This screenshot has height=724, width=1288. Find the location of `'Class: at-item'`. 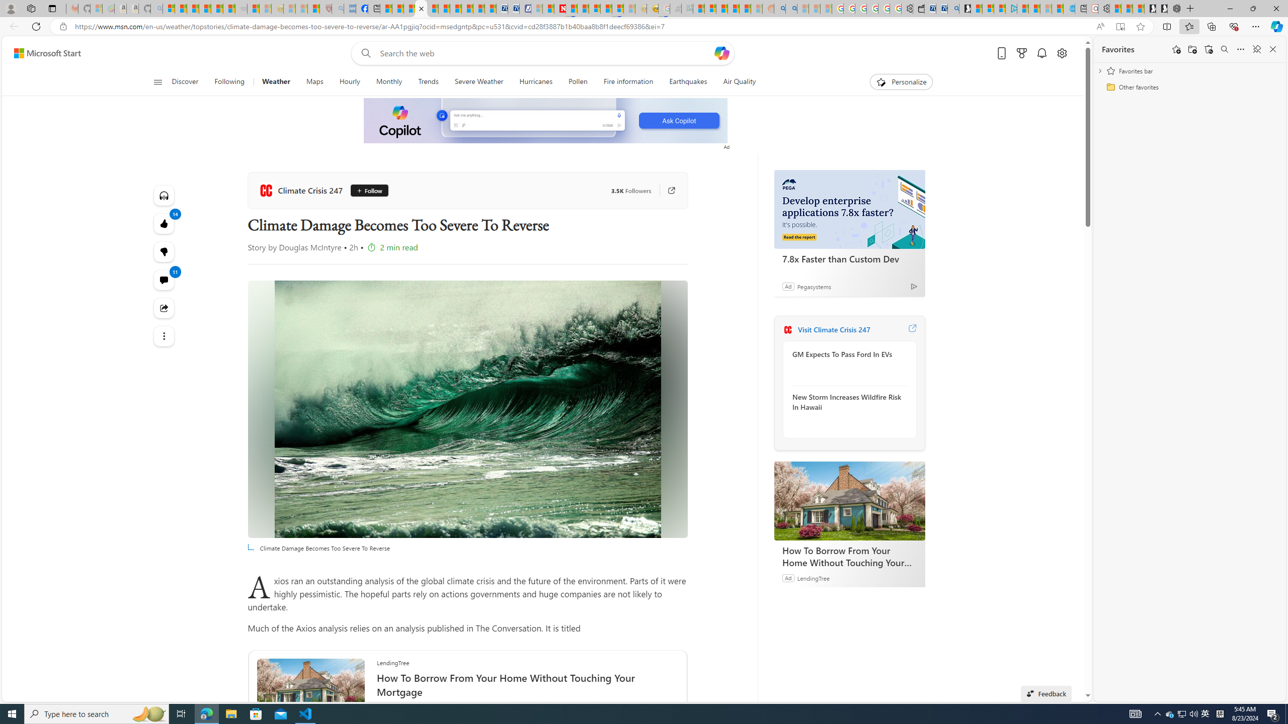

'Class: at-item' is located at coordinates (164, 335).